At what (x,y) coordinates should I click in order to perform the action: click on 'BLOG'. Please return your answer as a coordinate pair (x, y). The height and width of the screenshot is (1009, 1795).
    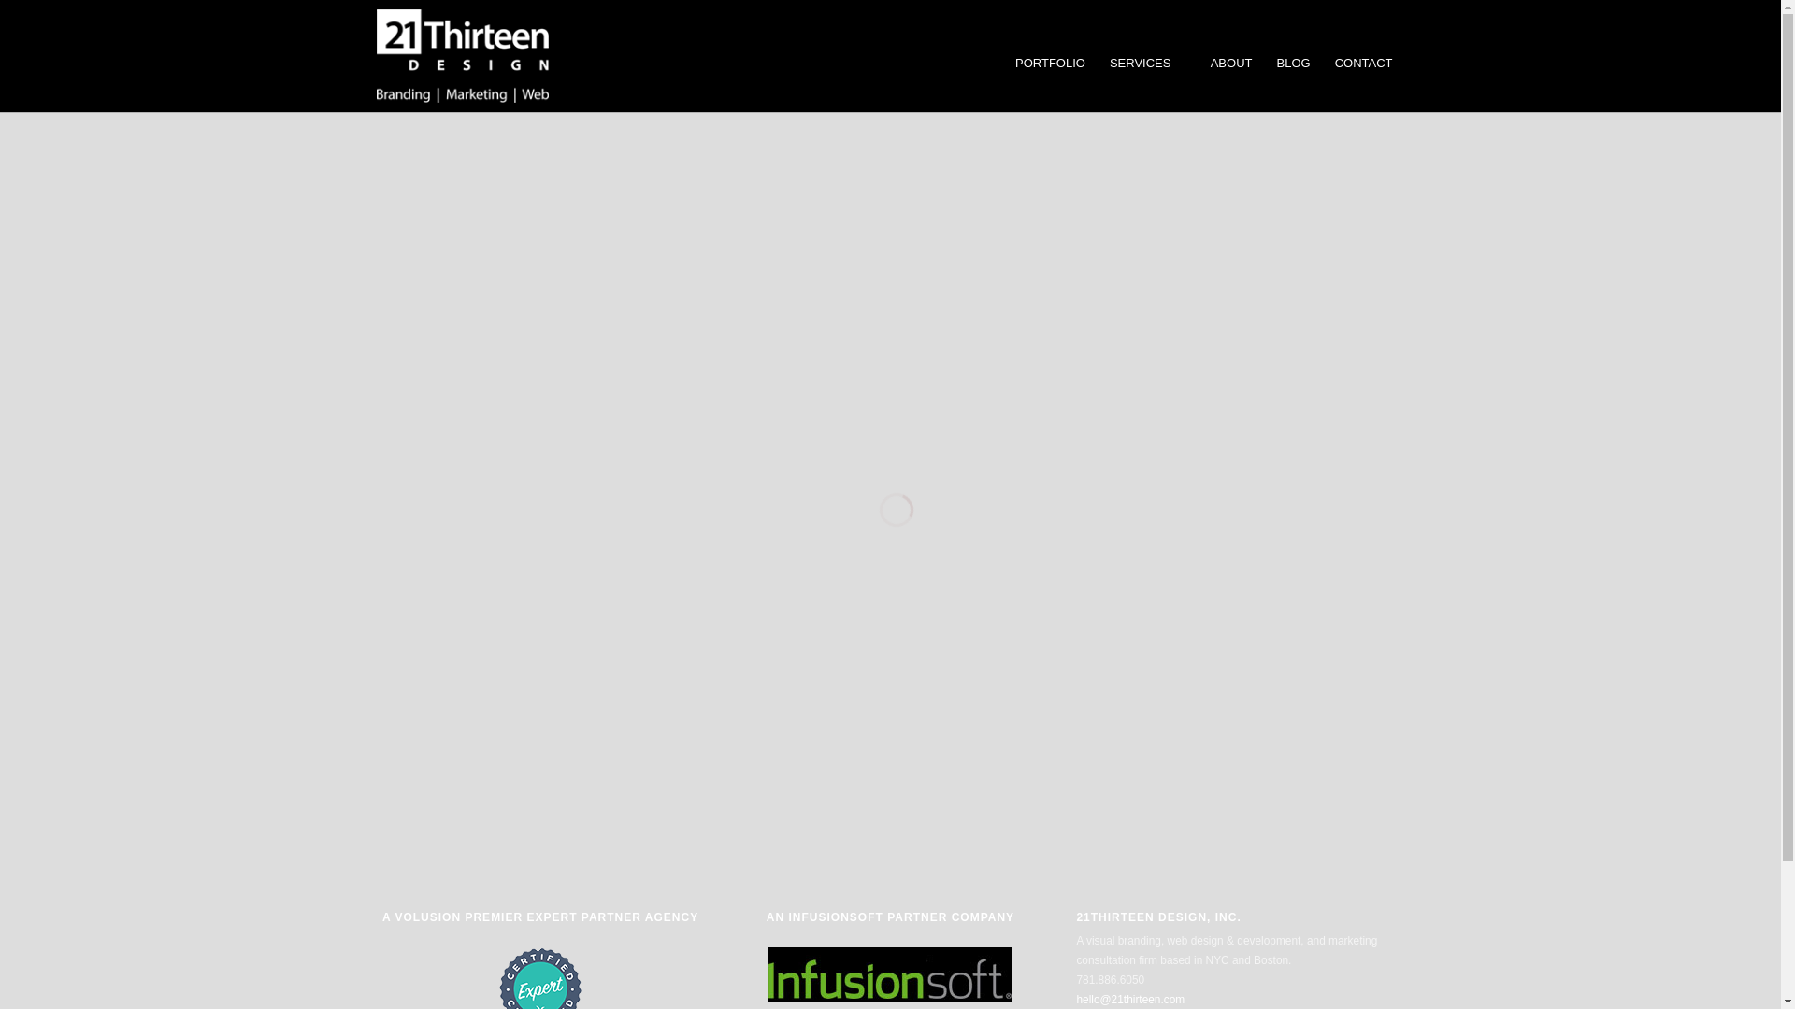
    Looking at the image, I should click on (1264, 63).